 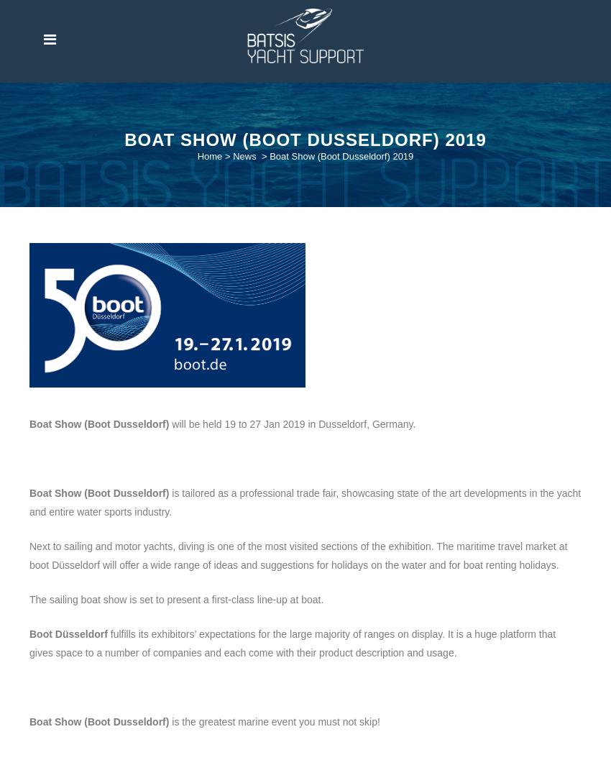 What do you see at coordinates (305, 501) in the screenshot?
I see `'is tailored as a professional trade fair, showcasing state of the art developments in the yacht and entire water sports industry.'` at bounding box center [305, 501].